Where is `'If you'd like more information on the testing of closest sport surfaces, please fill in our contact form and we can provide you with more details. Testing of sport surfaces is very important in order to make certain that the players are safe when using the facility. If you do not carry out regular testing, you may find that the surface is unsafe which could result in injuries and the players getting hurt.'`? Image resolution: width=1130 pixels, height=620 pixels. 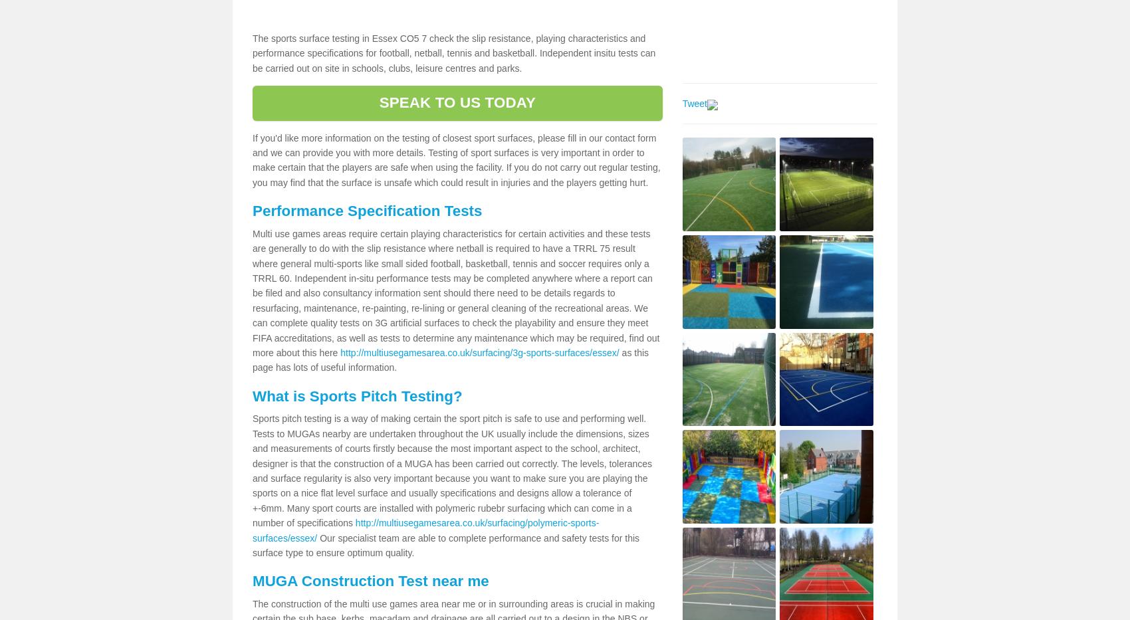 'If you'd like more information on the testing of closest sport surfaces, please fill in our contact form and we can provide you with more details. Testing of sport surfaces is very important in order to make certain that the players are safe when using the facility. If you do not carry out regular testing, you may find that the surface is unsafe which could result in injuries and the players getting hurt.' is located at coordinates (456, 159).